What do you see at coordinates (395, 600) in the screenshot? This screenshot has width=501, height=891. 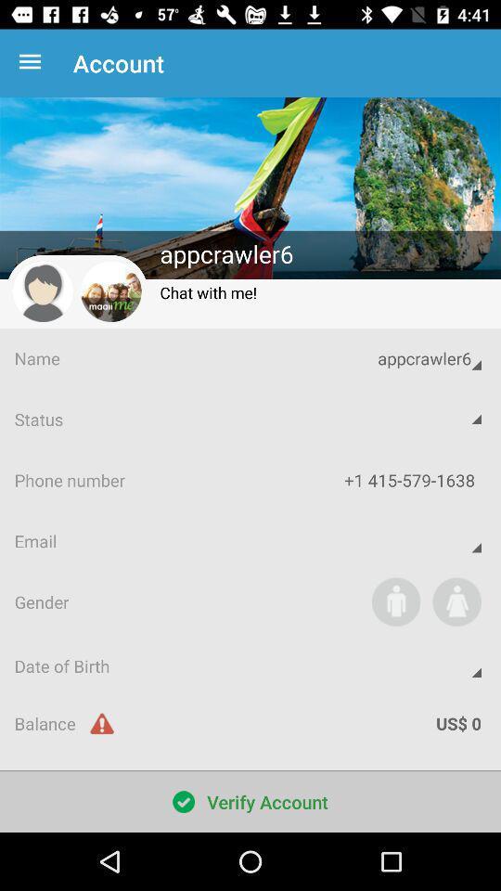 I see `male` at bounding box center [395, 600].